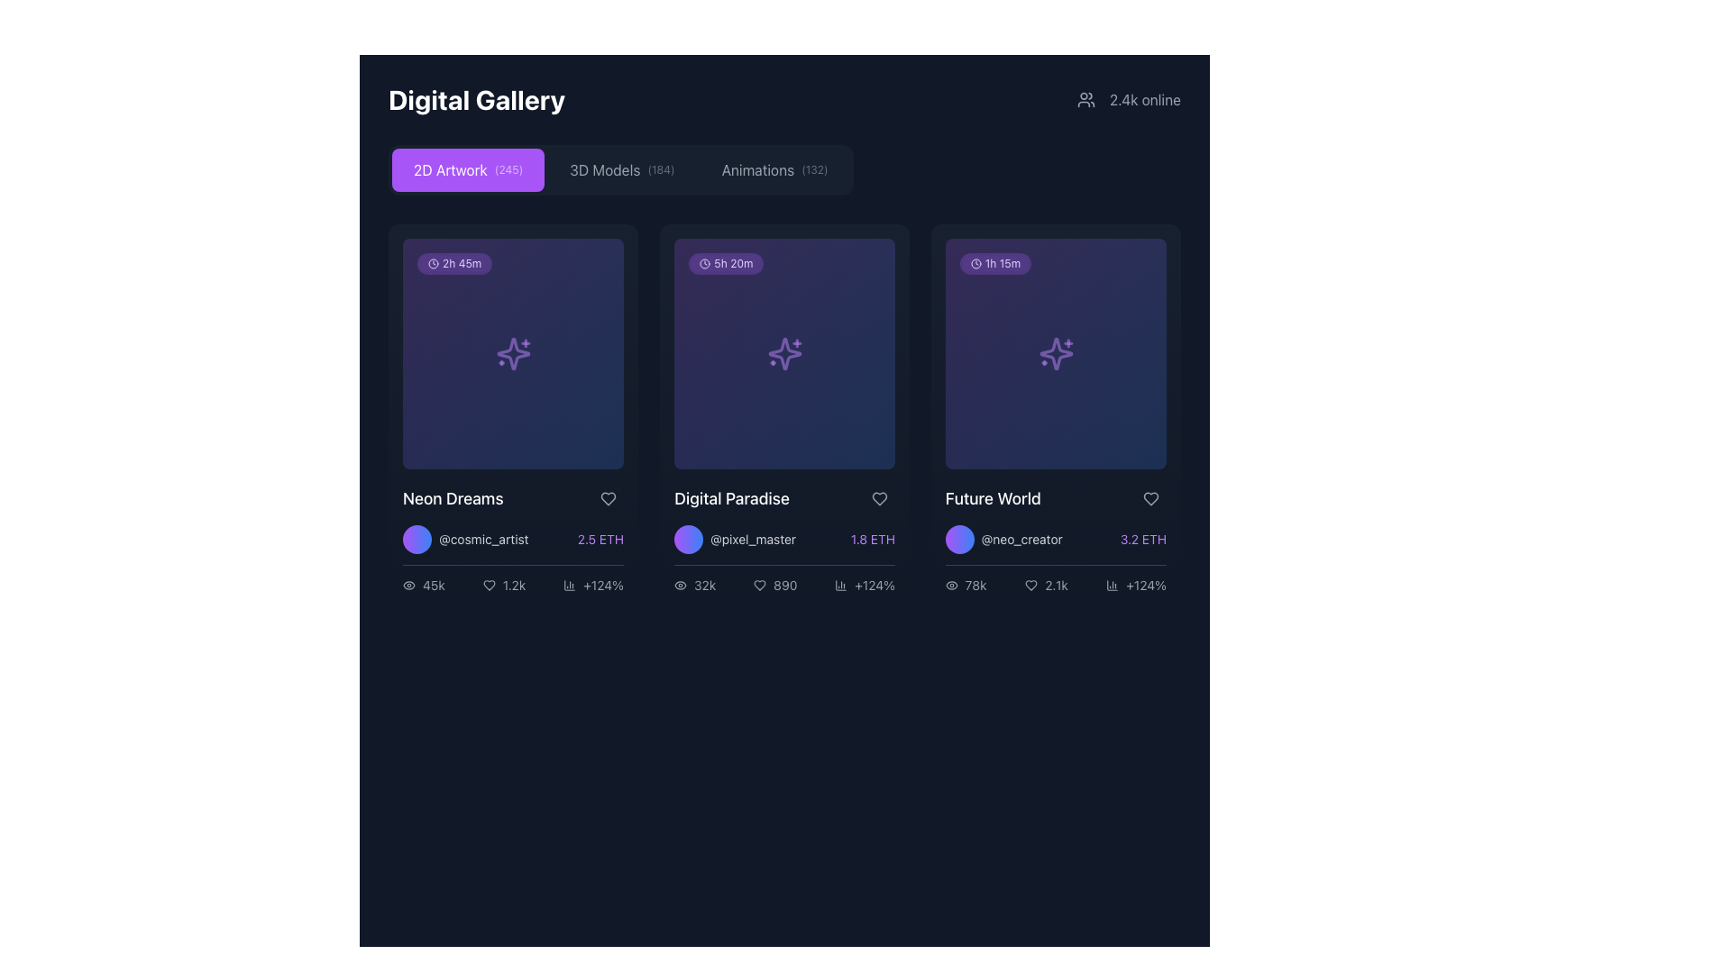 This screenshot has height=973, width=1731. What do you see at coordinates (1056, 586) in the screenshot?
I see `the numeric label displaying '2.1k', which is styled in a subdued white font on a dark background and located immediately to the right of a heart icon in the lower section of the 'Future World' card` at bounding box center [1056, 586].